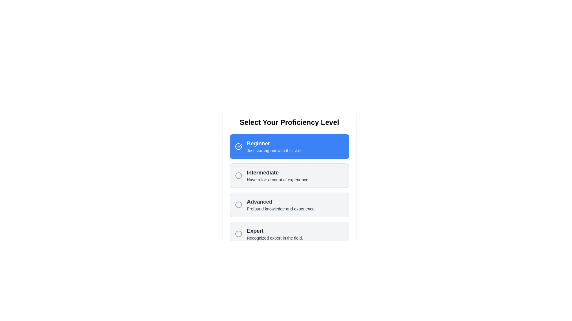  What do you see at coordinates (289, 147) in the screenshot?
I see `the 'Beginner' proficiency level button, which is the first option in the vertical list under the heading 'Select Your Proficiency Level.'` at bounding box center [289, 147].